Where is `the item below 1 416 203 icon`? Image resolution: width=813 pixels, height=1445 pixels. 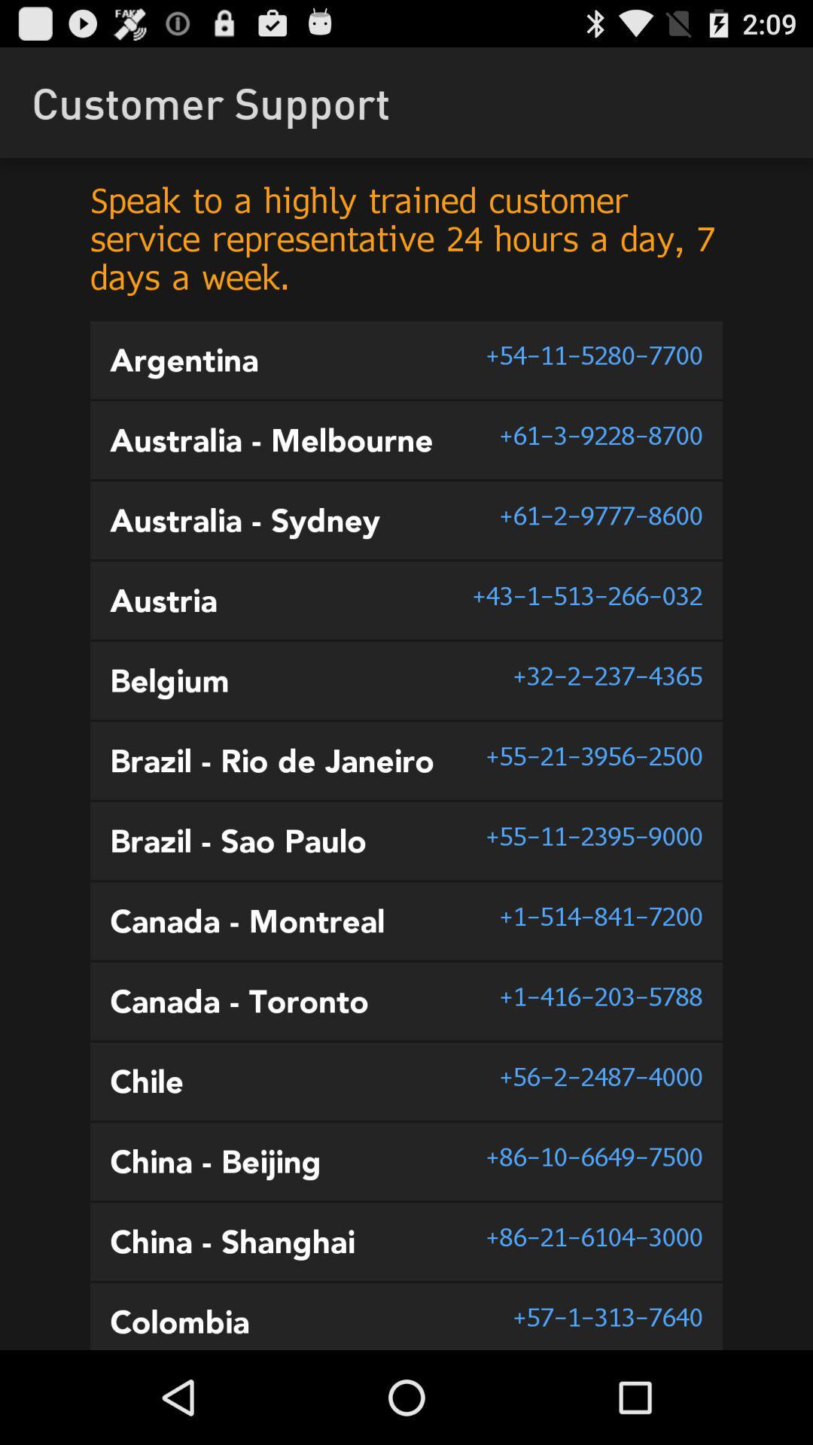
the item below 1 416 203 icon is located at coordinates (600, 1075).